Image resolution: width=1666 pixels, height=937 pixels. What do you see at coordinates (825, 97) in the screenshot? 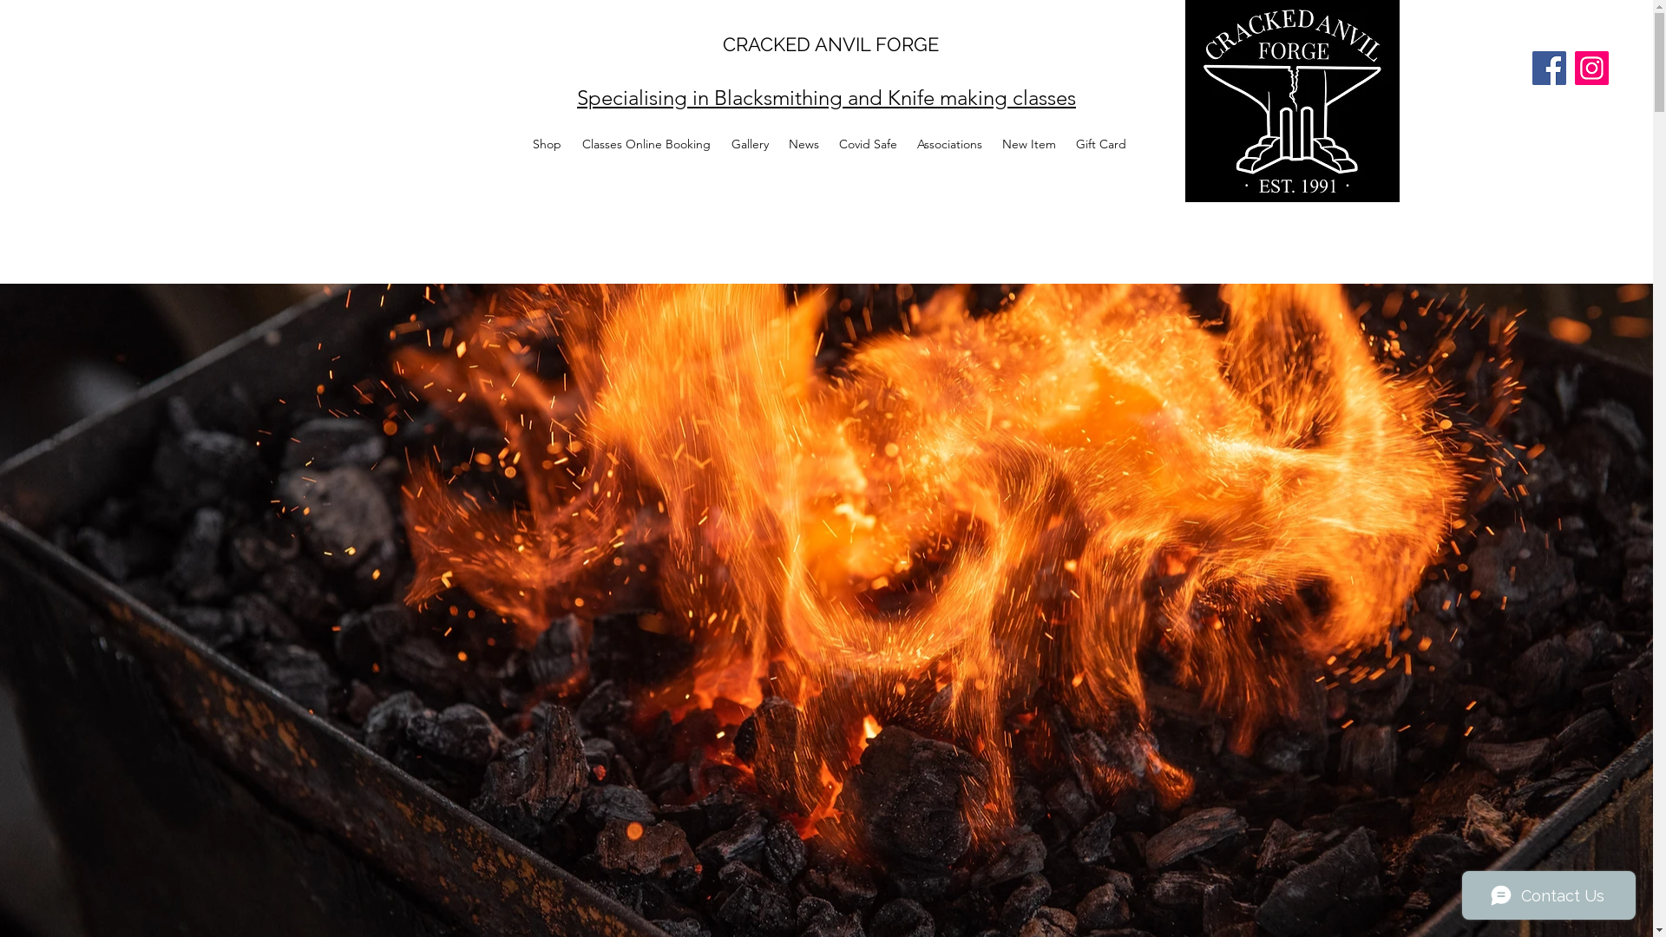
I see `'Specialising in Blacksmithing and Knife making classes'` at bounding box center [825, 97].